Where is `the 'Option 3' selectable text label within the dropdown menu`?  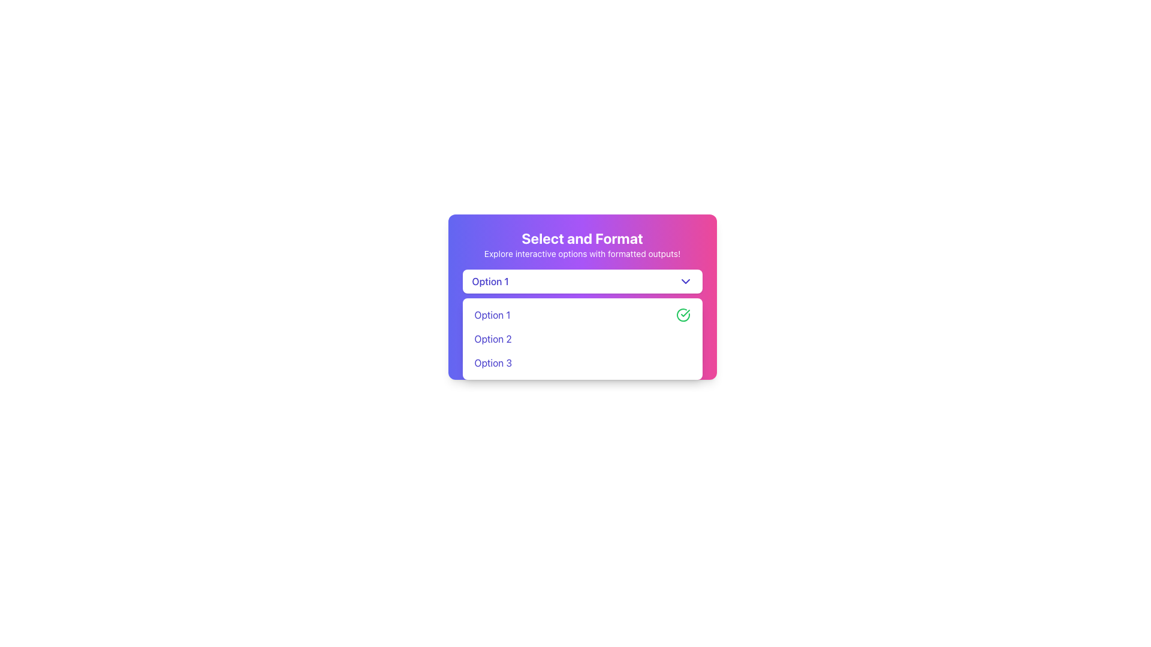 the 'Option 3' selectable text label within the dropdown menu is located at coordinates (493, 362).